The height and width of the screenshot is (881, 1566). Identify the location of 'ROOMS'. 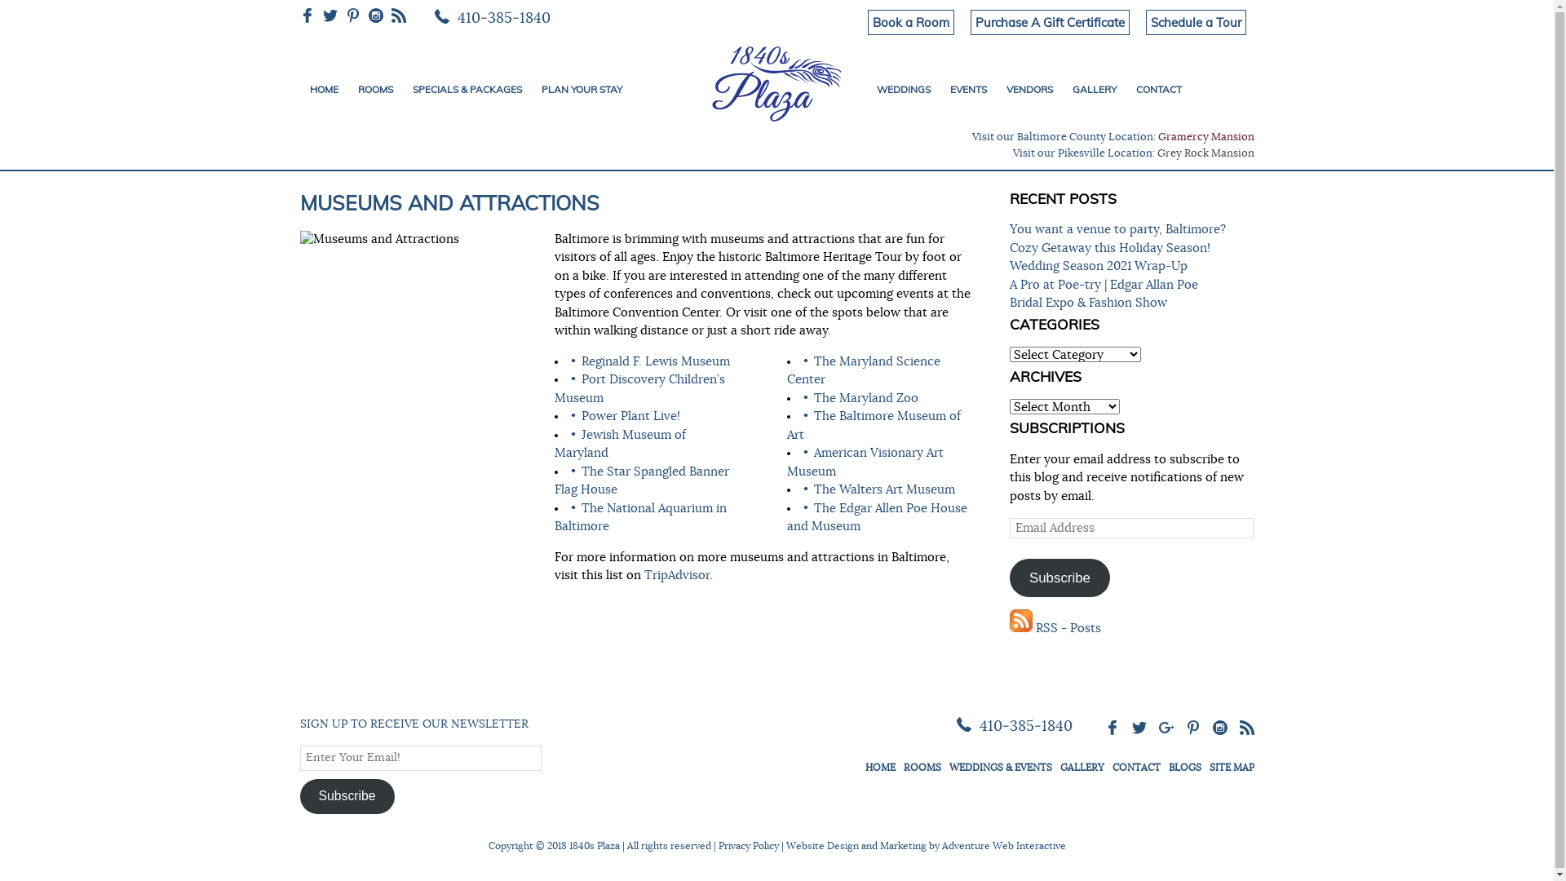
(922, 767).